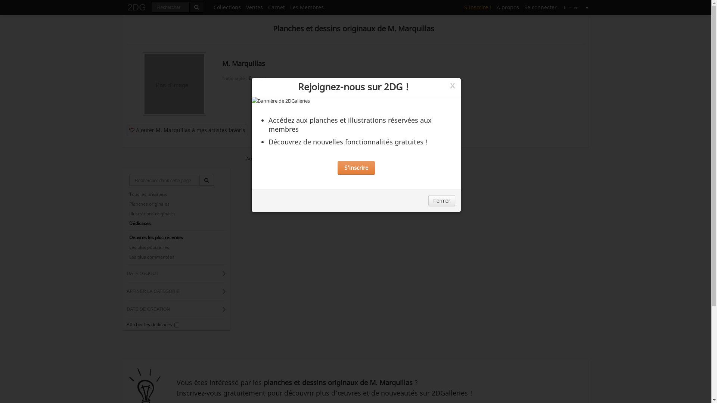 This screenshot has height=403, width=717. I want to click on 'Collections', so click(227, 7).